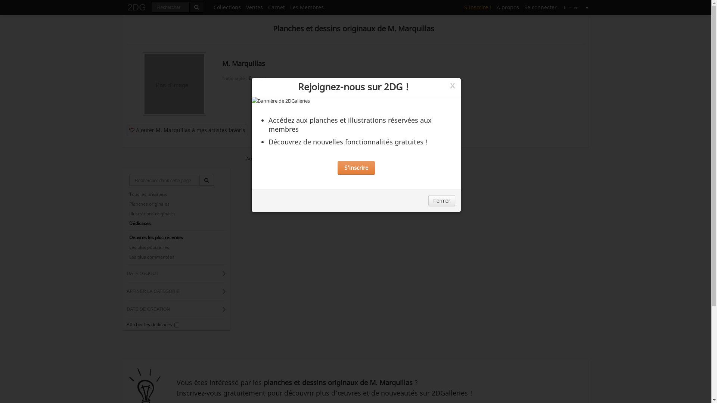 This screenshot has height=403, width=717. I want to click on 'Collections', so click(227, 7).